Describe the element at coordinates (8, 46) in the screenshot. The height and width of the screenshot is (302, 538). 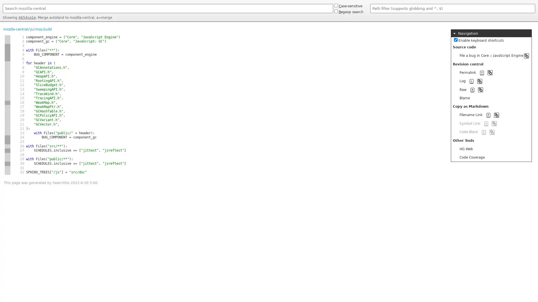
I see `new hash 2` at that location.